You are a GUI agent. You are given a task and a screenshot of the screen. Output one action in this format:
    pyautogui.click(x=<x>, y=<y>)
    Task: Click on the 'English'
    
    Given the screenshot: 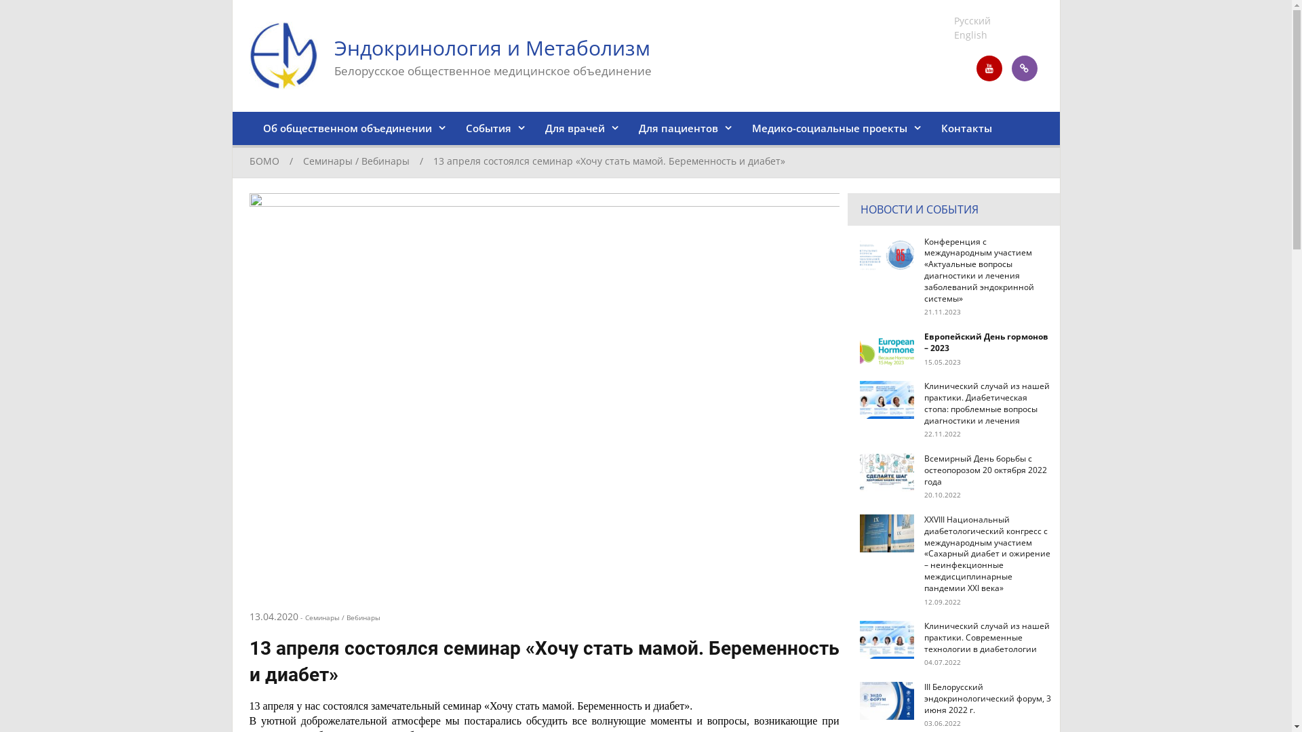 What is the action you would take?
    pyautogui.click(x=970, y=34)
    